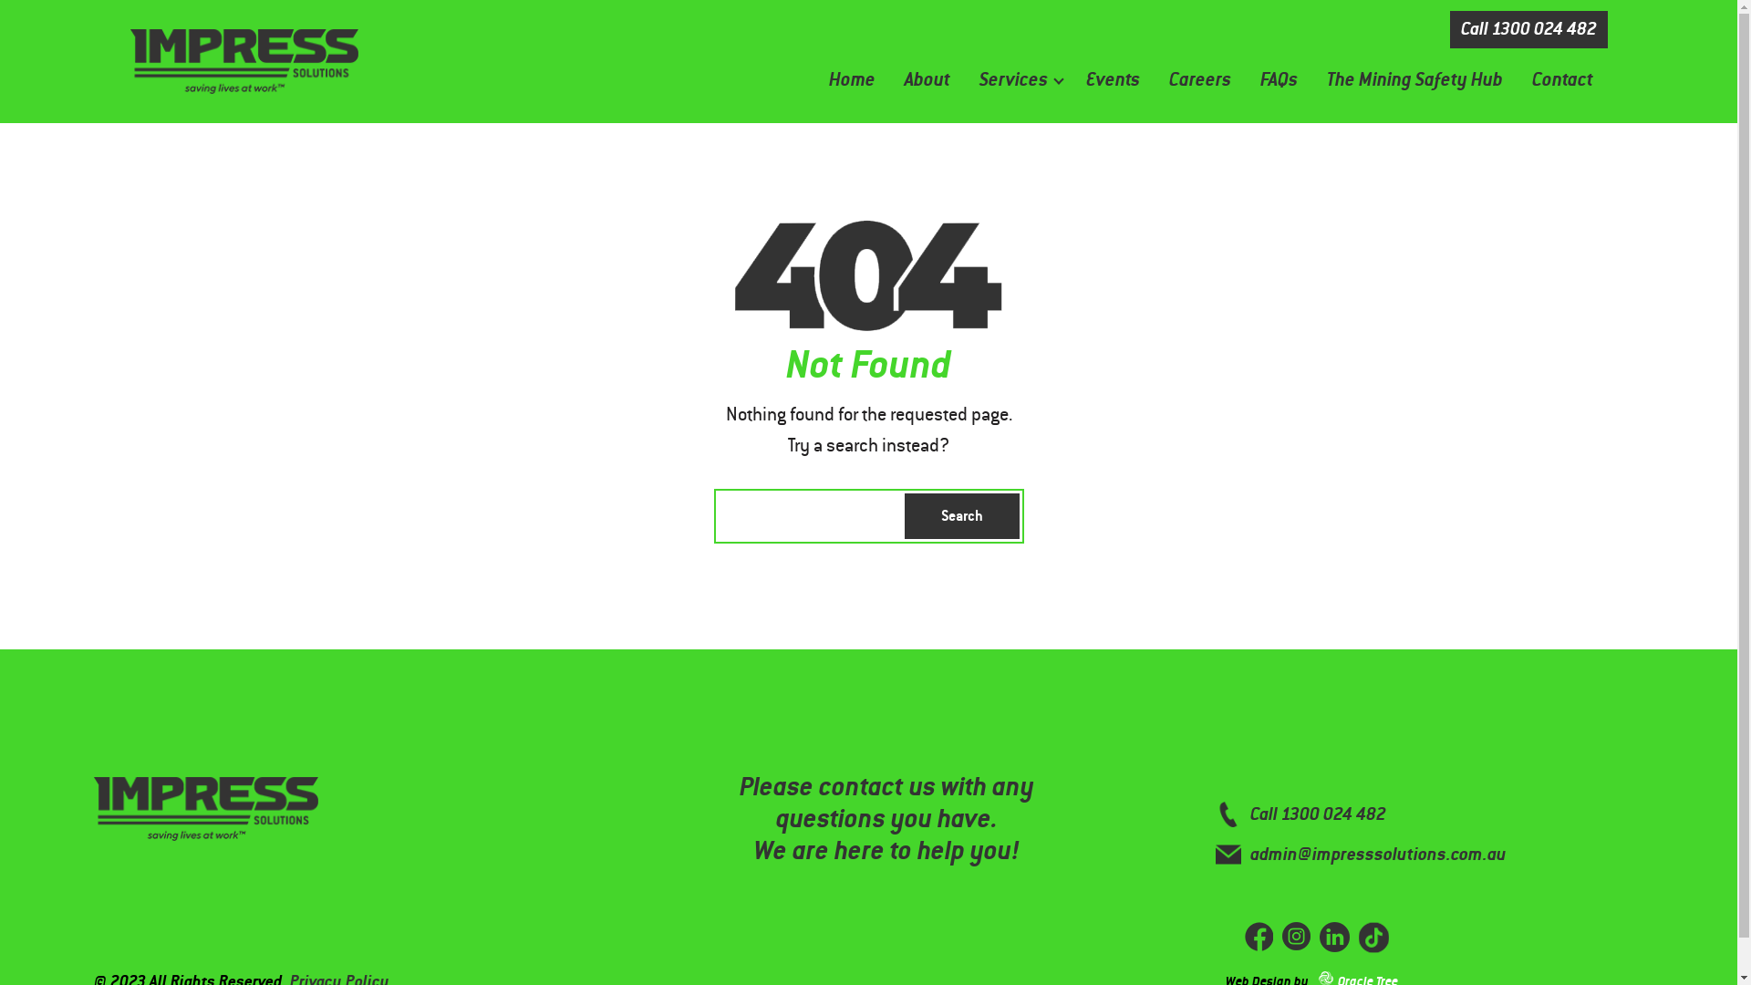 The image size is (1751, 985). Describe the element at coordinates (1278, 78) in the screenshot. I see `'FAQs'` at that location.